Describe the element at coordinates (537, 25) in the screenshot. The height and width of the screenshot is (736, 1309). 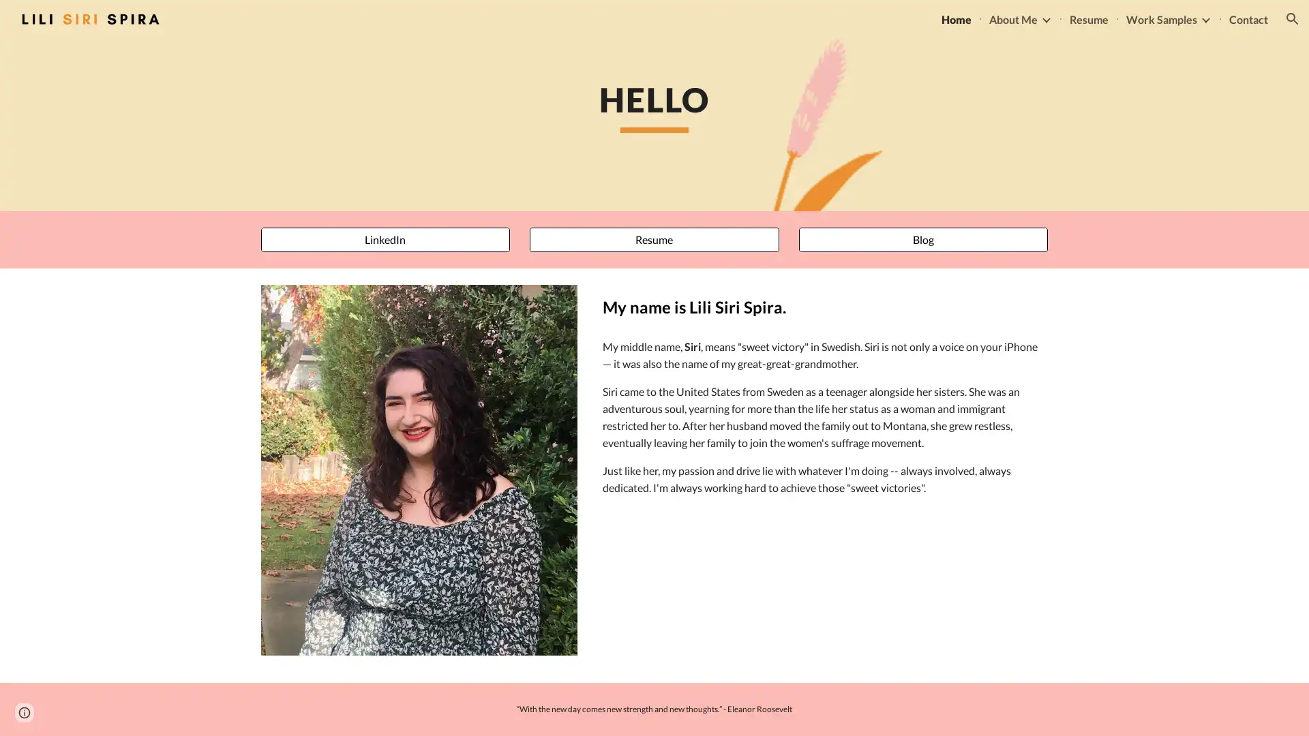
I see `Skip to main content` at that location.